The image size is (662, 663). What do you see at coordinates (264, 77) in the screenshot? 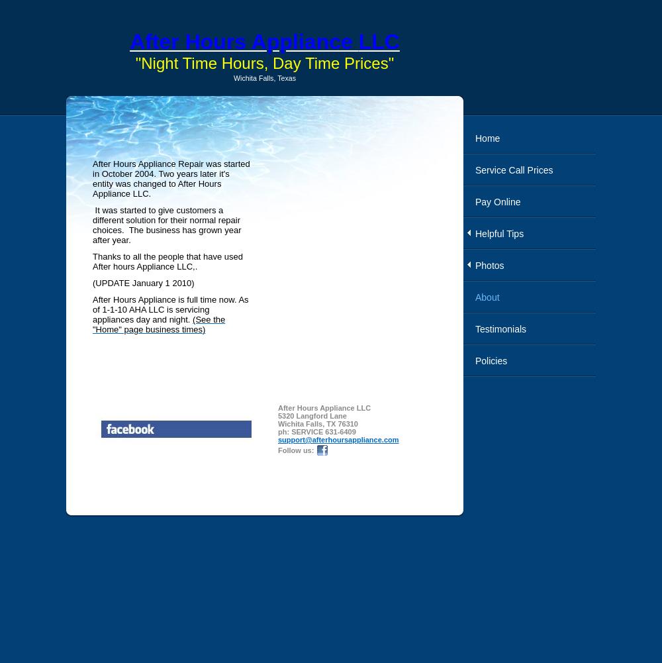
I see `'Wichita Falls, Texas'` at bounding box center [264, 77].